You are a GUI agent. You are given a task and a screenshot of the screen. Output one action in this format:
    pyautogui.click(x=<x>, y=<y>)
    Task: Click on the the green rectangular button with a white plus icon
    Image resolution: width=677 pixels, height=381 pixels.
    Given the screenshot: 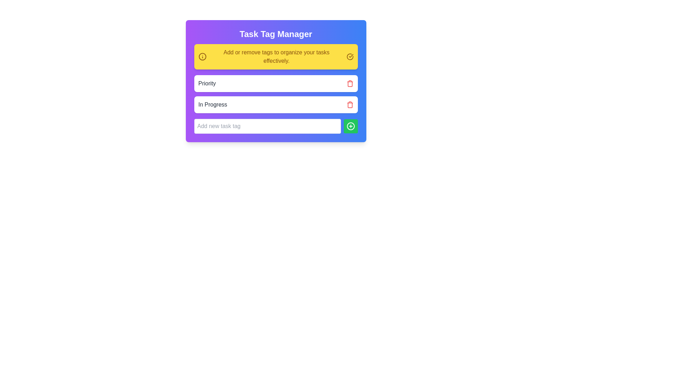 What is the action you would take?
    pyautogui.click(x=350, y=126)
    